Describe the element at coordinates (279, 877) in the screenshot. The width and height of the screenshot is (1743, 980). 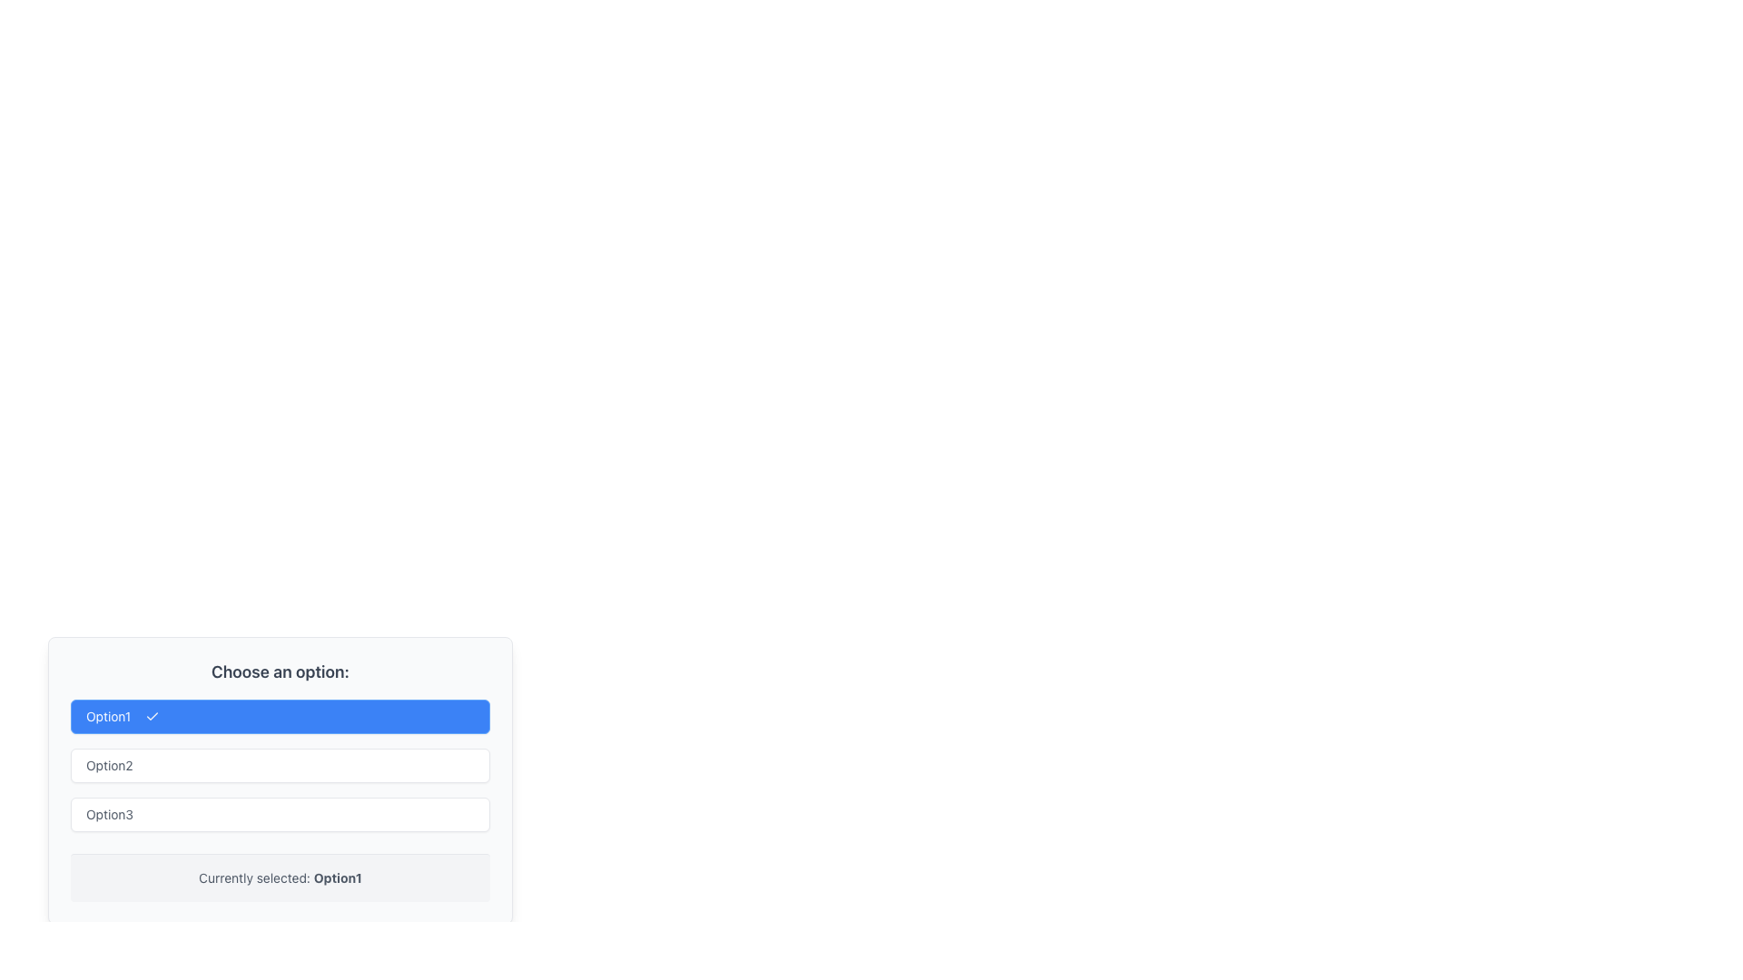
I see `the Text Label that displays the currently selected option from the list, located within a light-gray block near the bottom of the interface` at that location.